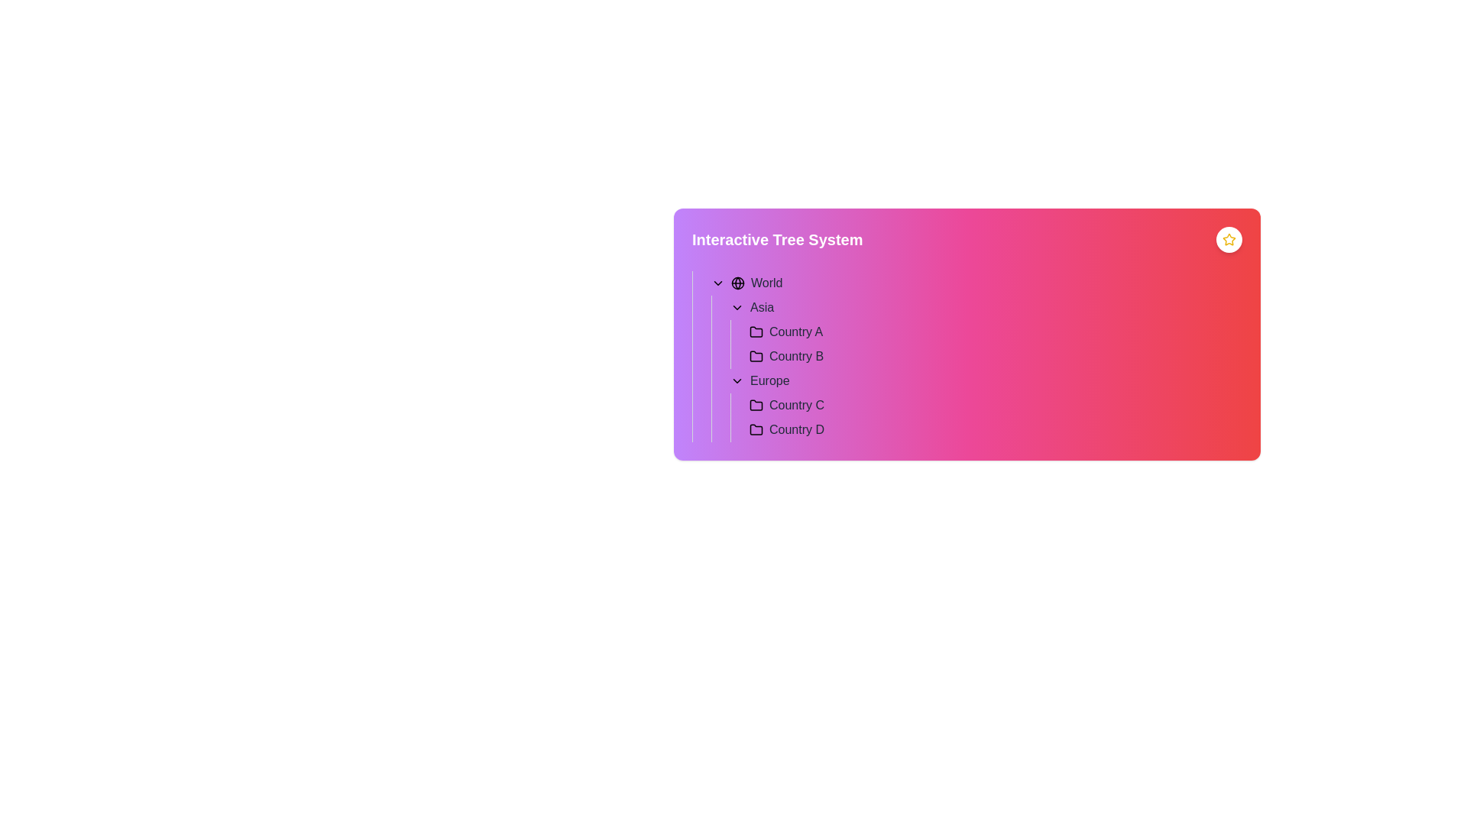  What do you see at coordinates (737, 283) in the screenshot?
I see `the Circle (SVG graphical element) that is part of the decorative globe icon located at the upper left corner of the highlighted section` at bounding box center [737, 283].